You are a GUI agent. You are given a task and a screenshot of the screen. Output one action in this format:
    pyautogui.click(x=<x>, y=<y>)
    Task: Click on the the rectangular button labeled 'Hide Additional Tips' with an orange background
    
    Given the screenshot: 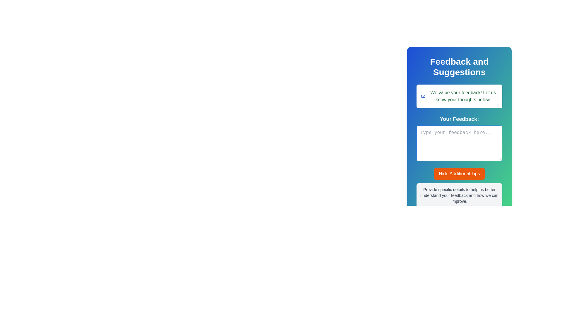 What is the action you would take?
    pyautogui.click(x=459, y=174)
    